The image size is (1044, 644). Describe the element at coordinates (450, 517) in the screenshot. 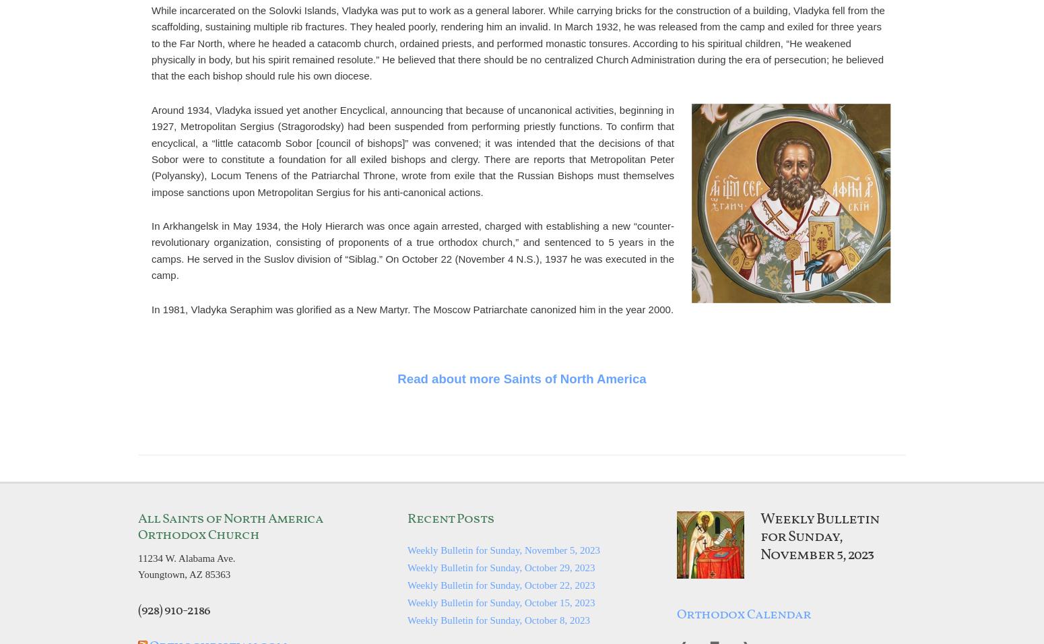

I see `'Recent Posts'` at that location.